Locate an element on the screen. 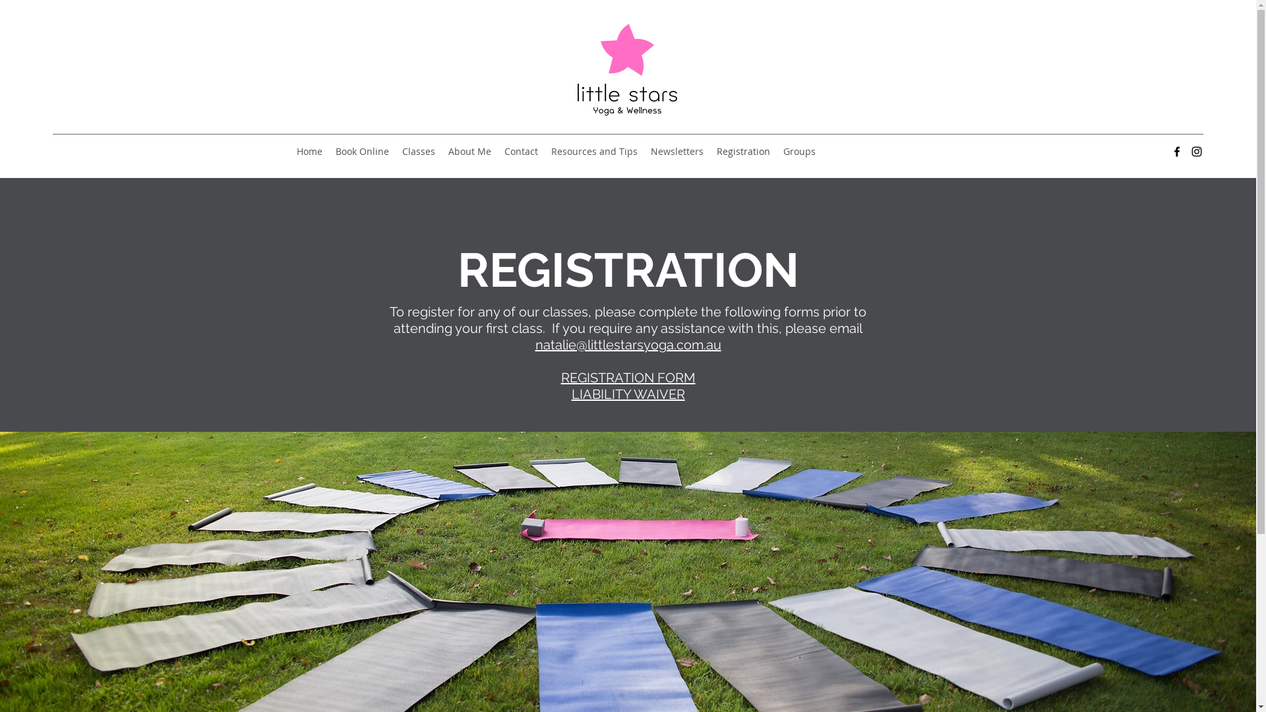 The image size is (1266, 712). 'natalie@littlestarsyoga.com.au' is located at coordinates (628, 344).